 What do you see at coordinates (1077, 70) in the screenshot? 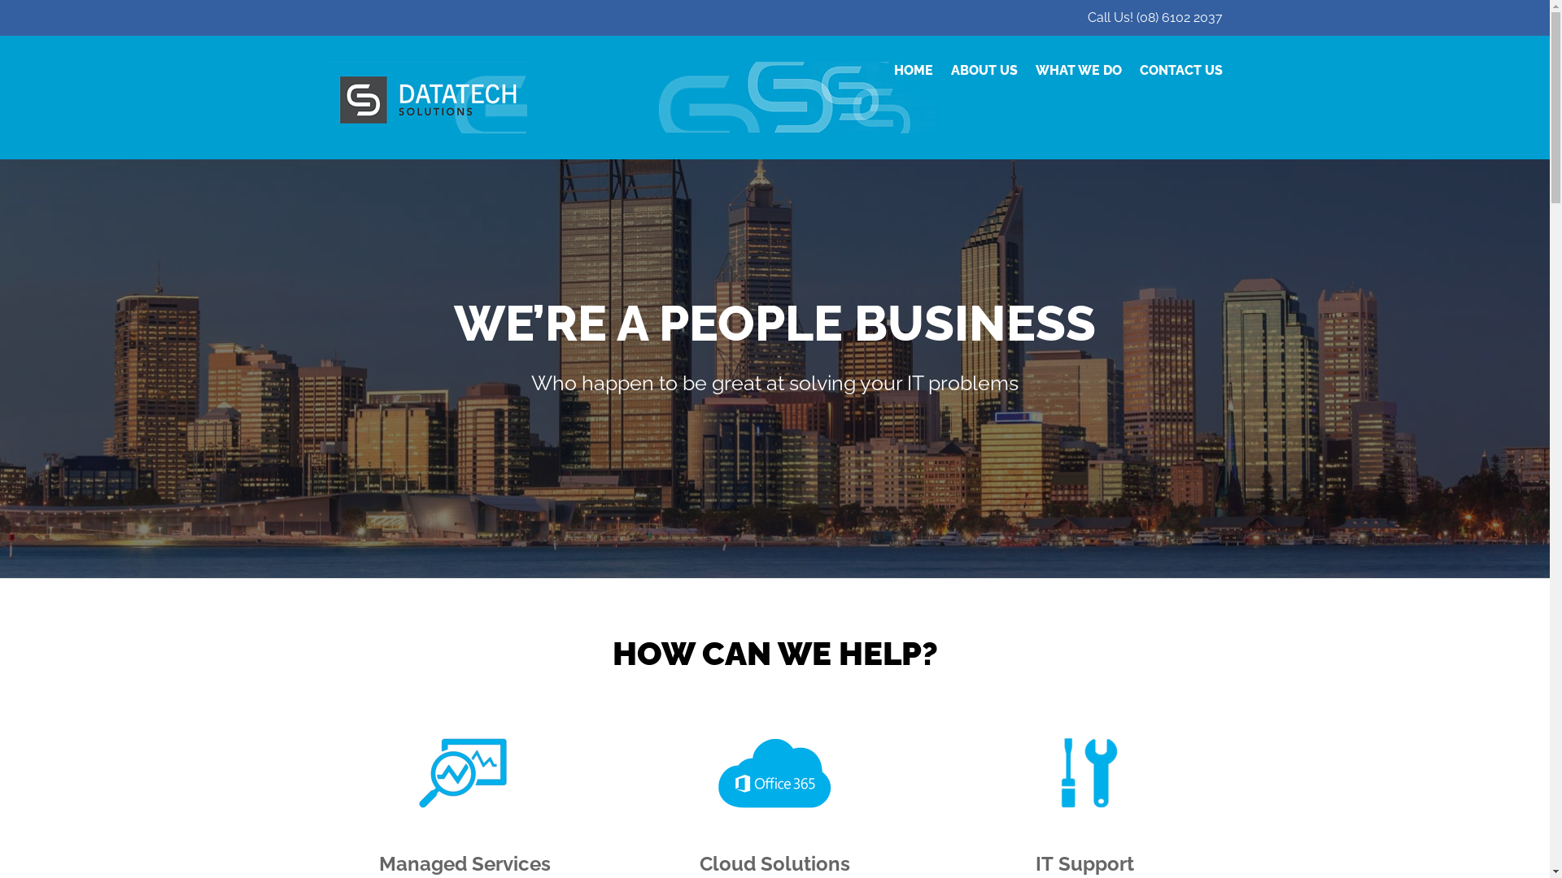
I see `'WHAT WE DO'` at bounding box center [1077, 70].